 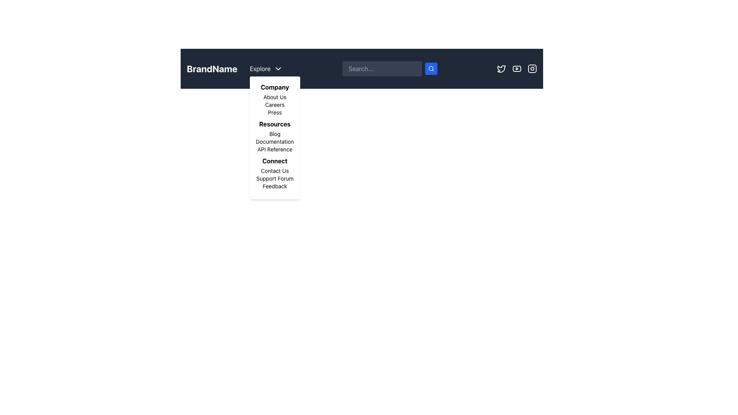 I want to click on the non-interactive Text label that serves as a heading for the dropdown menu under 'Explore', located at the top of the vertical dropdown menu, so click(x=275, y=87).